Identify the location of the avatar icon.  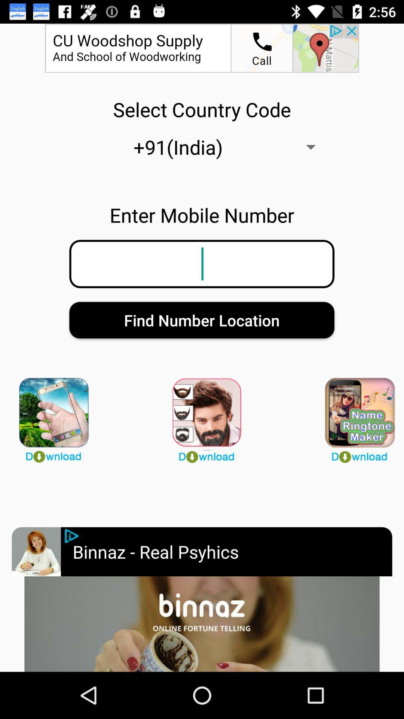
(49, 416).